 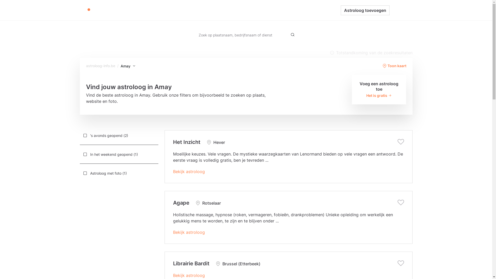 I want to click on 'Agape', so click(x=181, y=203).